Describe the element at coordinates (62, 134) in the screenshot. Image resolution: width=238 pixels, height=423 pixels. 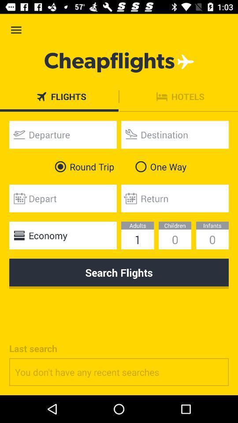
I see `option` at that location.